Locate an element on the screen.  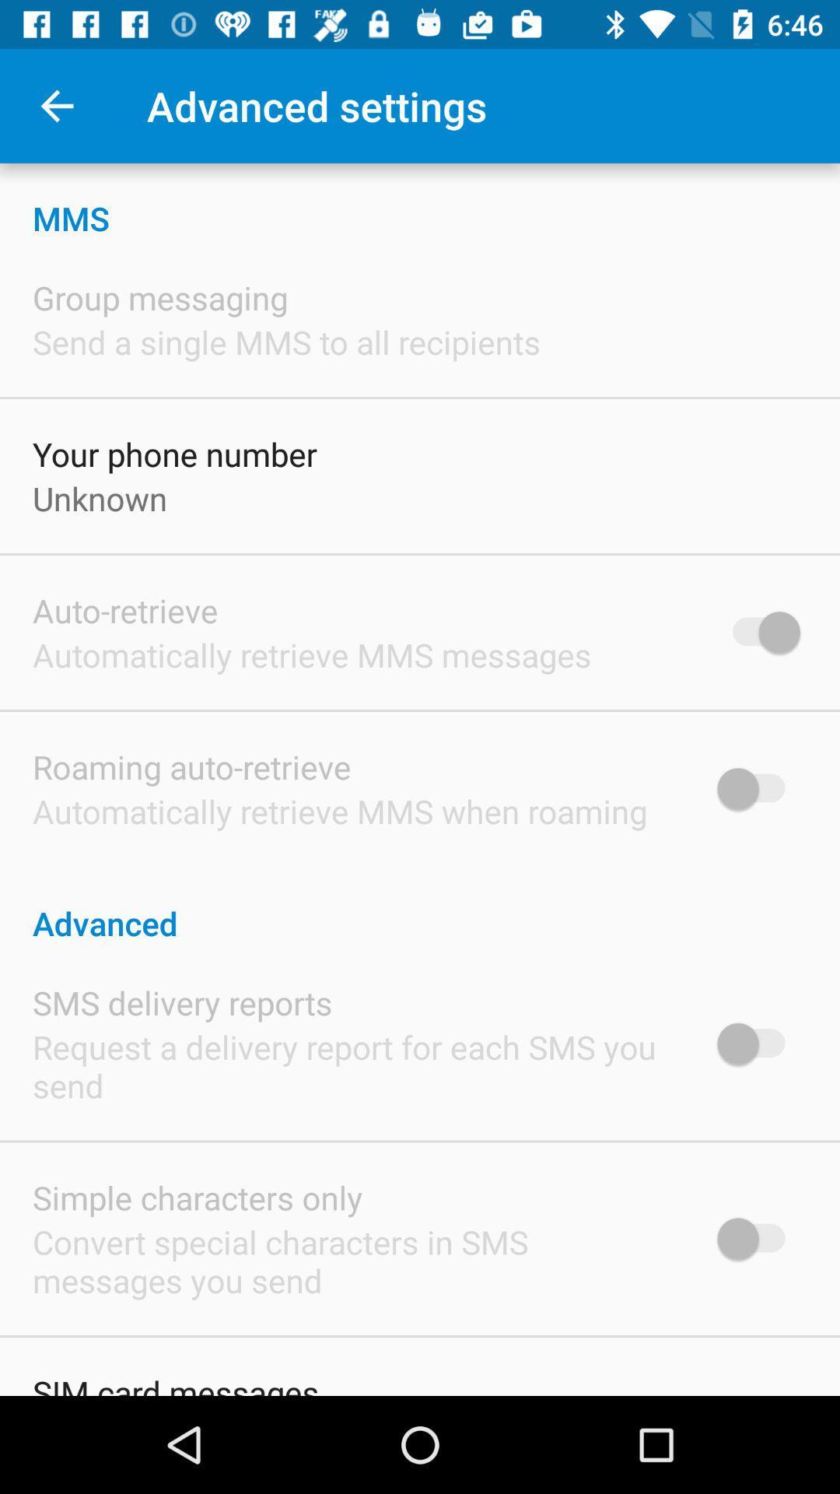
sim card messages item is located at coordinates (175, 1383).